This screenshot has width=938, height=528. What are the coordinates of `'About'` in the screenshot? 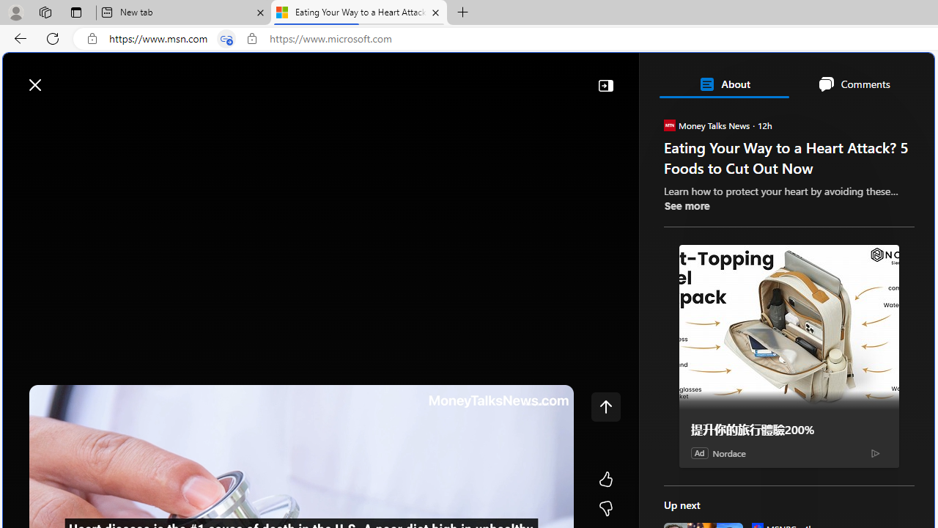 It's located at (723, 84).